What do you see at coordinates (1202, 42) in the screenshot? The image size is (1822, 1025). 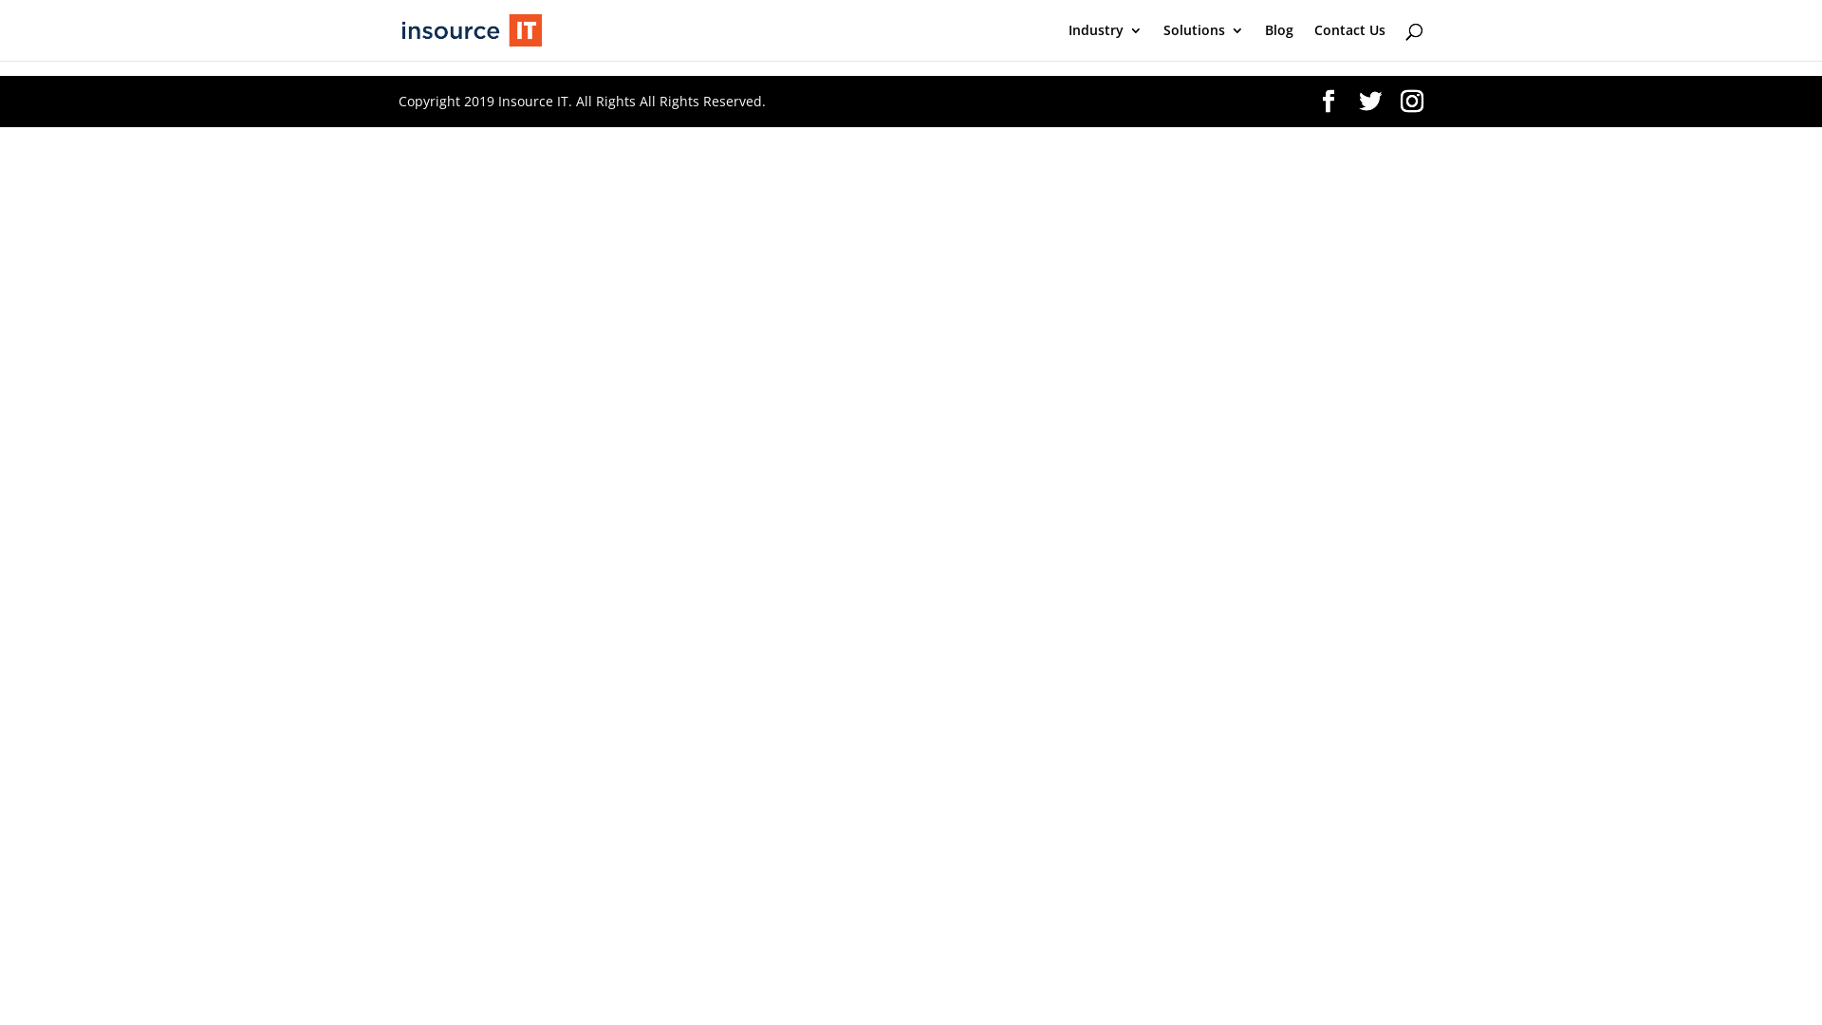 I see `'Solutions'` at bounding box center [1202, 42].